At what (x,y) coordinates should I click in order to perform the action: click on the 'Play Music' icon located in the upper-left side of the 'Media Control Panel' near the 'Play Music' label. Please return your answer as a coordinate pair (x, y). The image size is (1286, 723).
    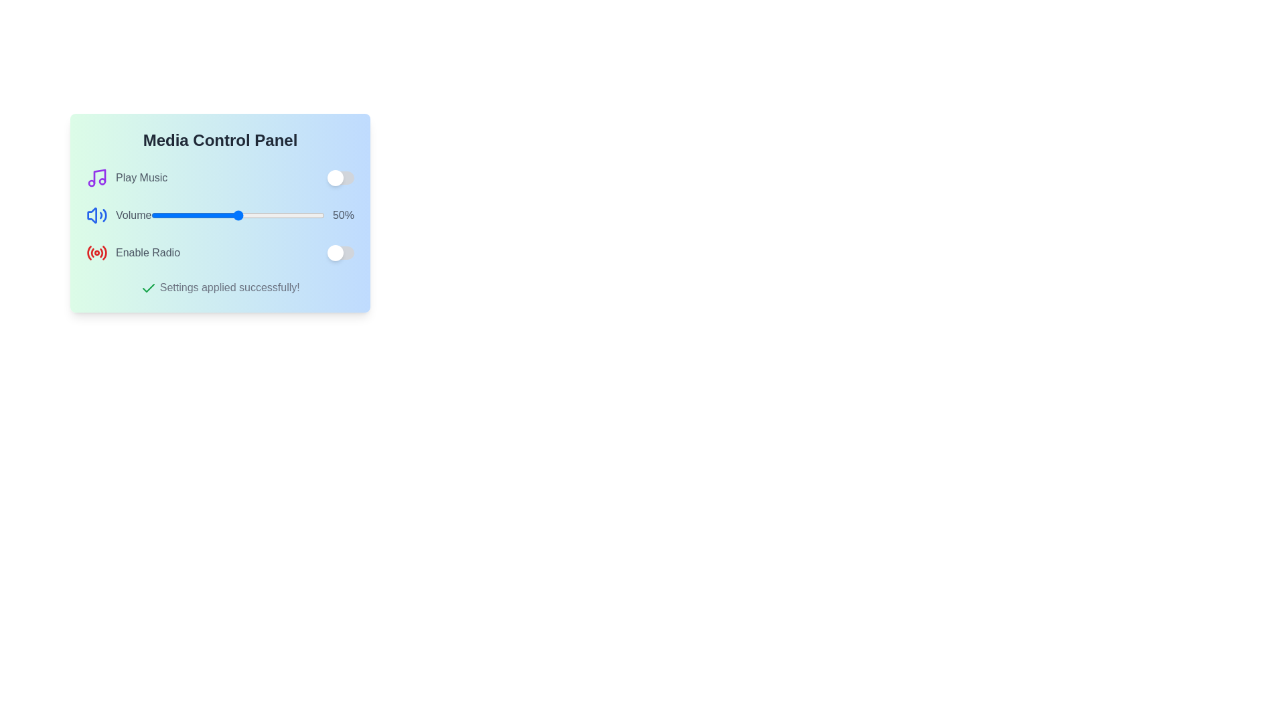
    Looking at the image, I should click on (98, 175).